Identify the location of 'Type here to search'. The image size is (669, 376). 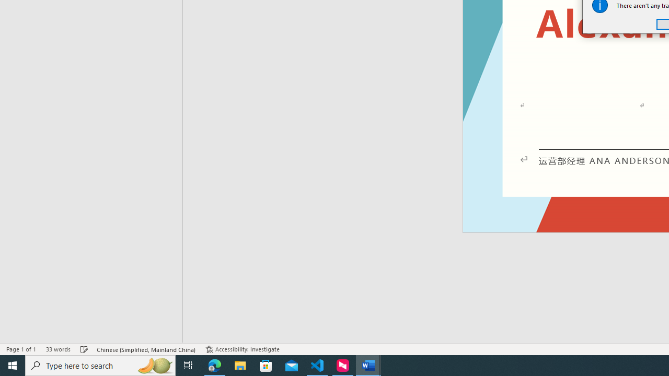
(100, 365).